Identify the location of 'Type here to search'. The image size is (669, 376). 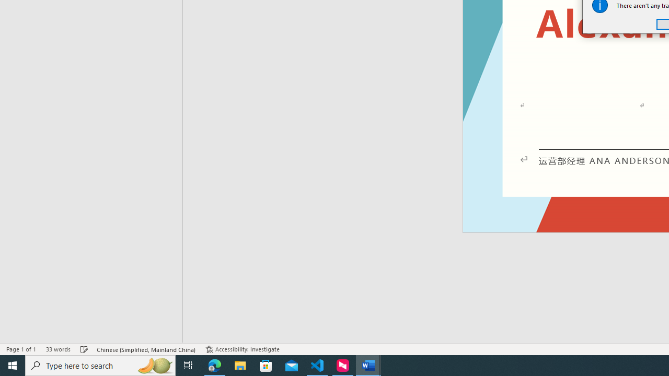
(100, 365).